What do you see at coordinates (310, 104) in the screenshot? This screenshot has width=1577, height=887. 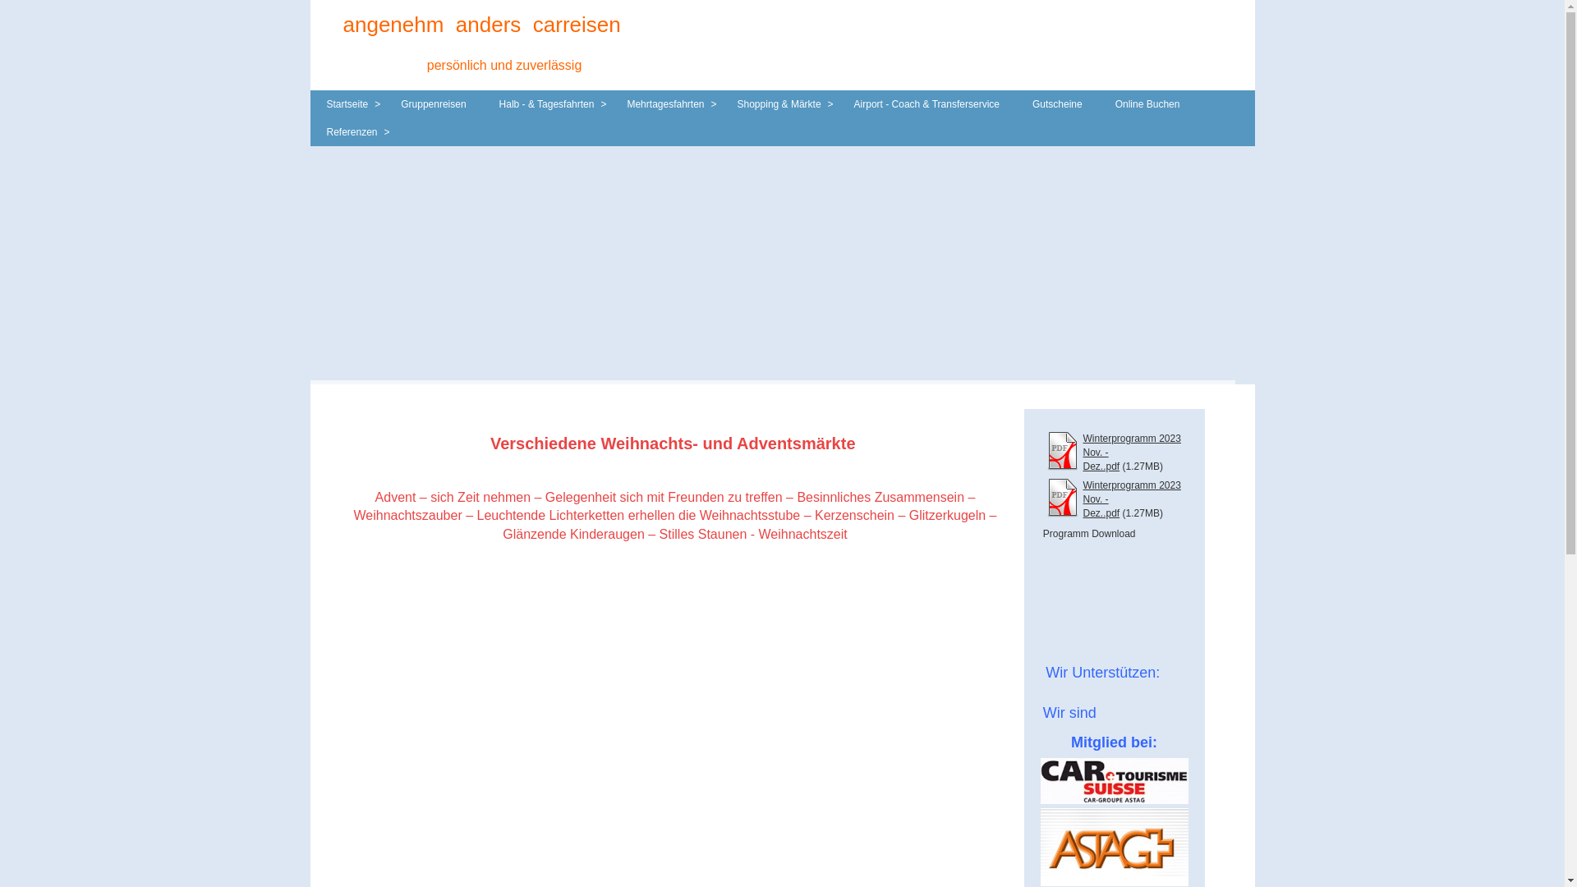 I see `'Startseite'` at bounding box center [310, 104].